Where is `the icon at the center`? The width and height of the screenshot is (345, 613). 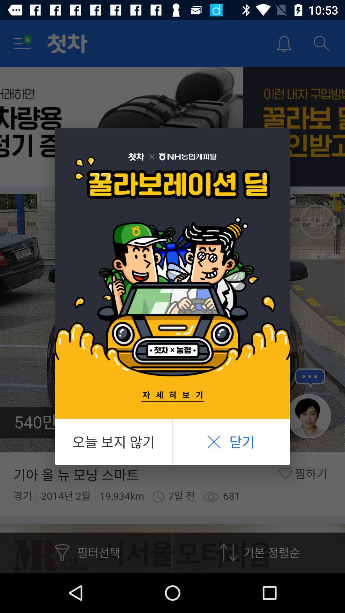
the icon at the center is located at coordinates (172, 273).